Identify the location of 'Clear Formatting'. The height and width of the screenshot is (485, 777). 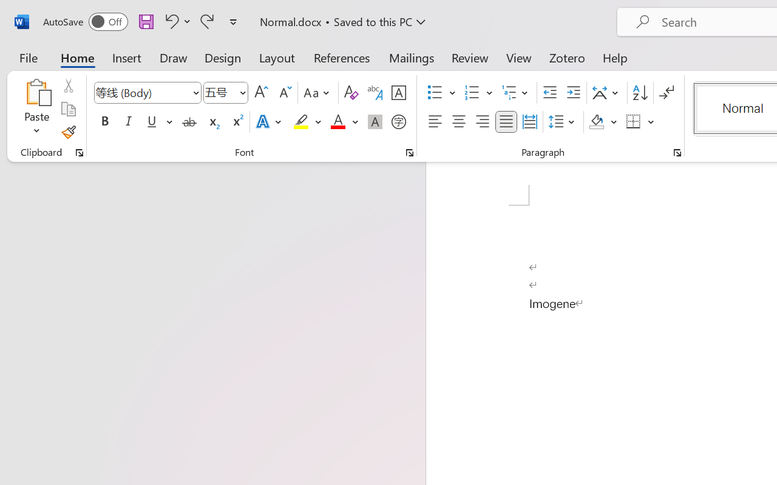
(350, 93).